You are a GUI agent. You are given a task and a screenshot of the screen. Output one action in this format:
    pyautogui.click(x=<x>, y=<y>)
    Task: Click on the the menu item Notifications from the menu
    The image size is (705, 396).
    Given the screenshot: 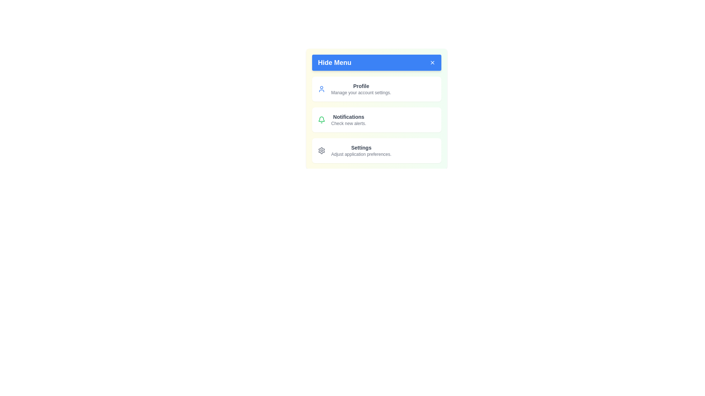 What is the action you would take?
    pyautogui.click(x=377, y=120)
    